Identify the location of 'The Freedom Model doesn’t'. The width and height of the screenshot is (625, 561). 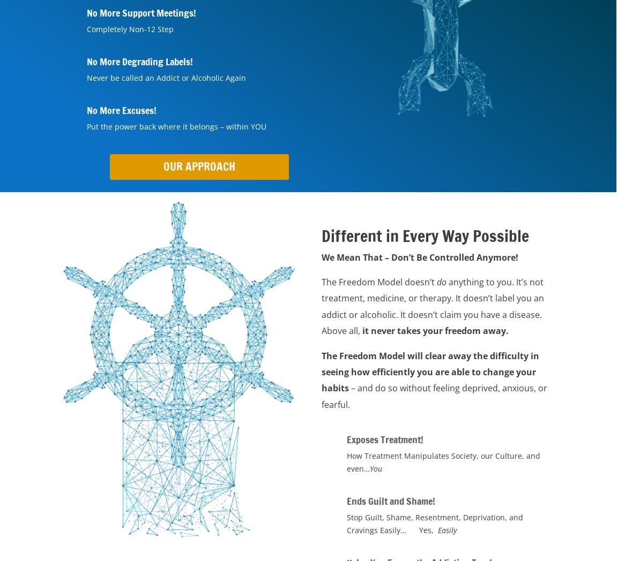
(379, 280).